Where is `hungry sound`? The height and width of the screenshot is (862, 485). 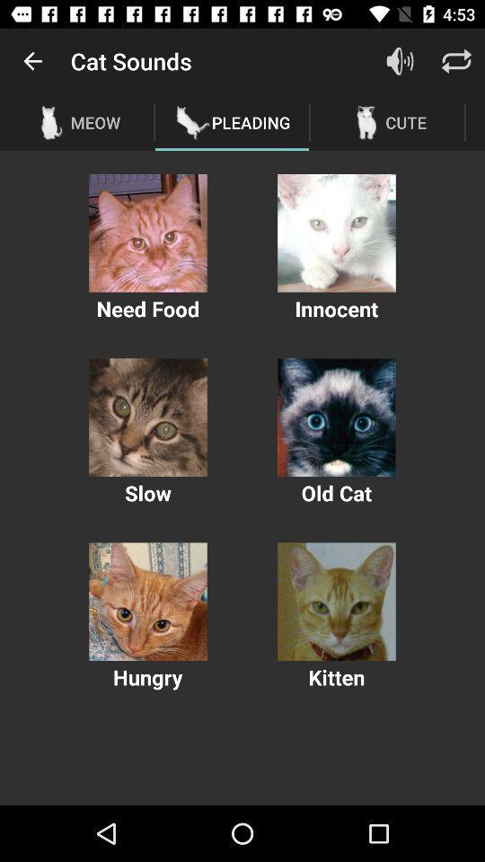 hungry sound is located at coordinates (147, 602).